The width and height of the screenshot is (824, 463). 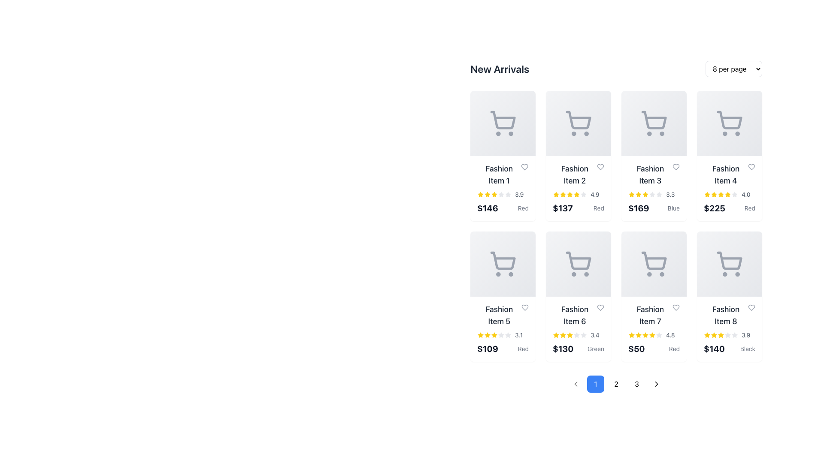 I want to click on the heart-shaped icon with a gray outline located at the top-right corner of the 'Fashion Item 5' card in the grid layout, so click(x=524, y=307).